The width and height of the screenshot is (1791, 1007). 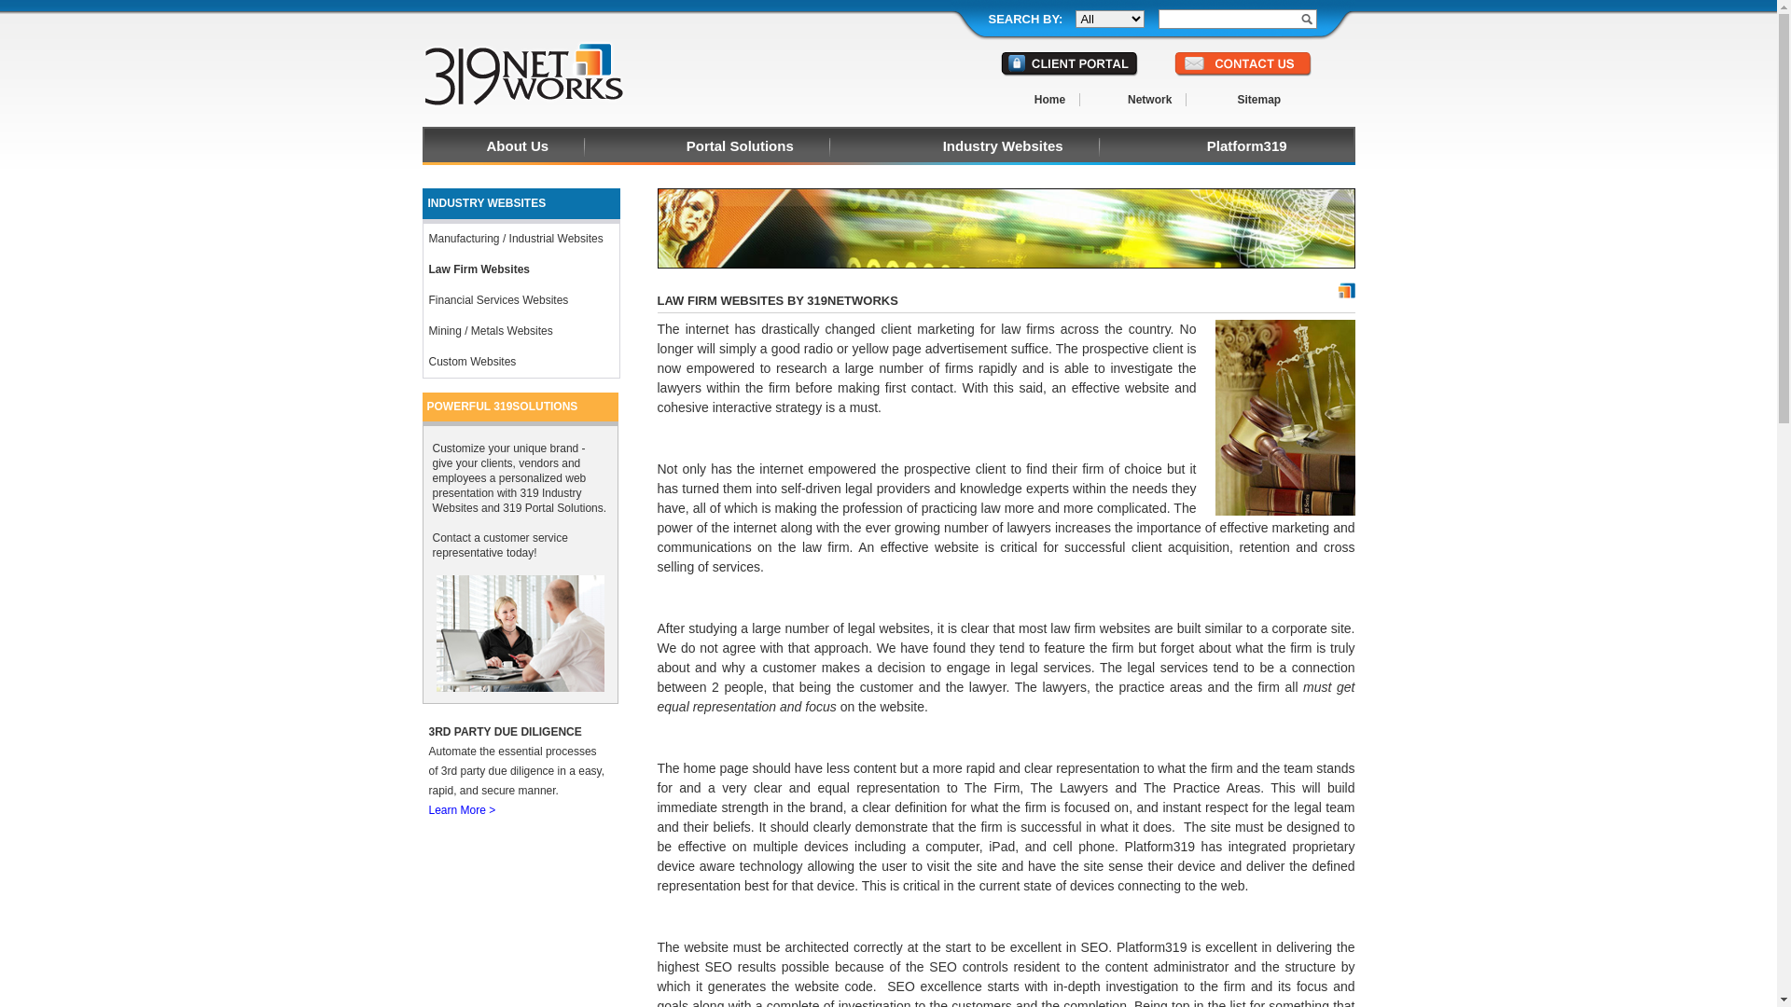 What do you see at coordinates (520, 299) in the screenshot?
I see `'Financial Services Websites'` at bounding box center [520, 299].